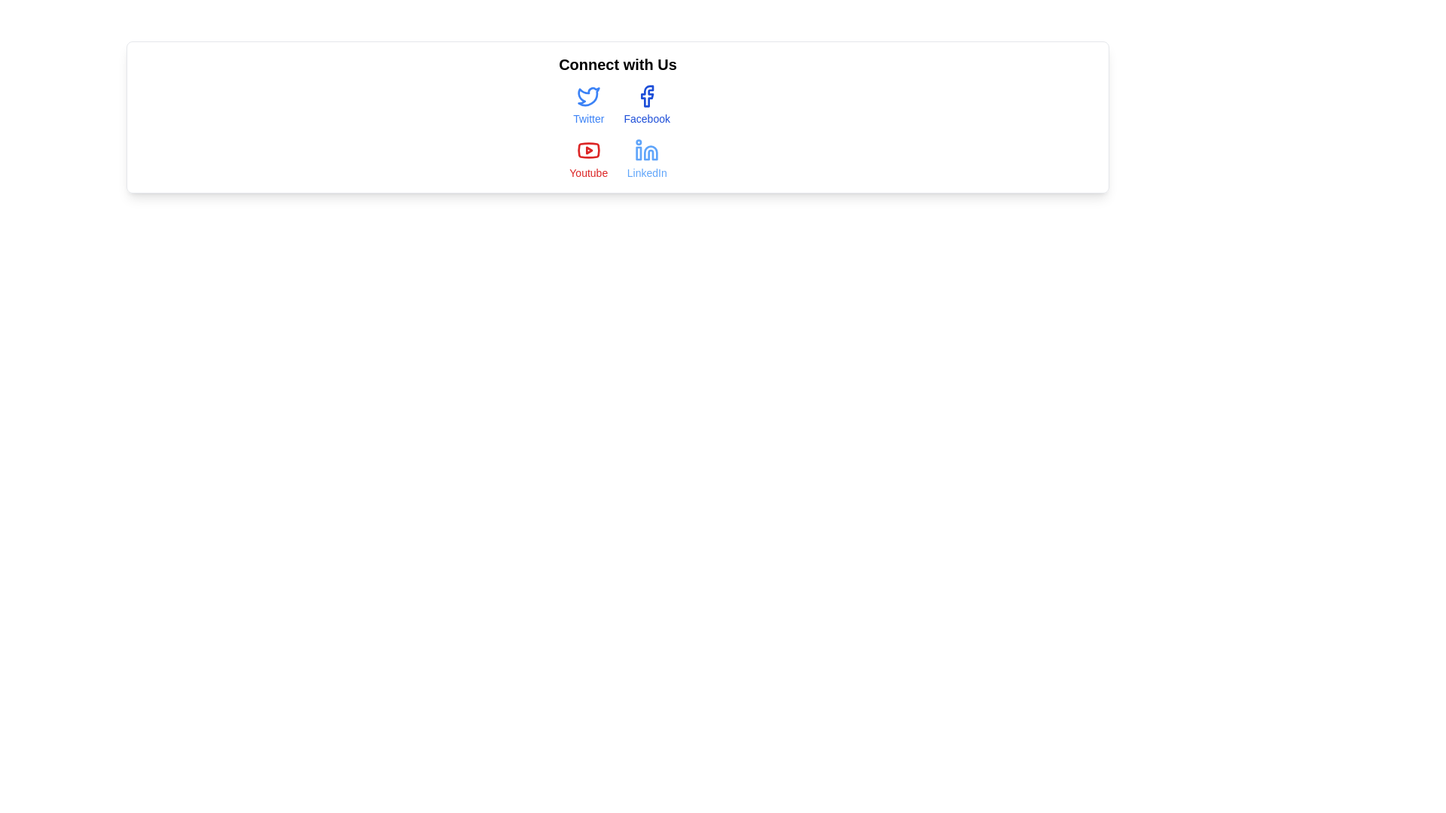  Describe the element at coordinates (587, 160) in the screenshot. I see `the YouTube hyperlink button, which is styled with a red YouTube logo and label, located in the second row of a 2-column grid layout` at that location.